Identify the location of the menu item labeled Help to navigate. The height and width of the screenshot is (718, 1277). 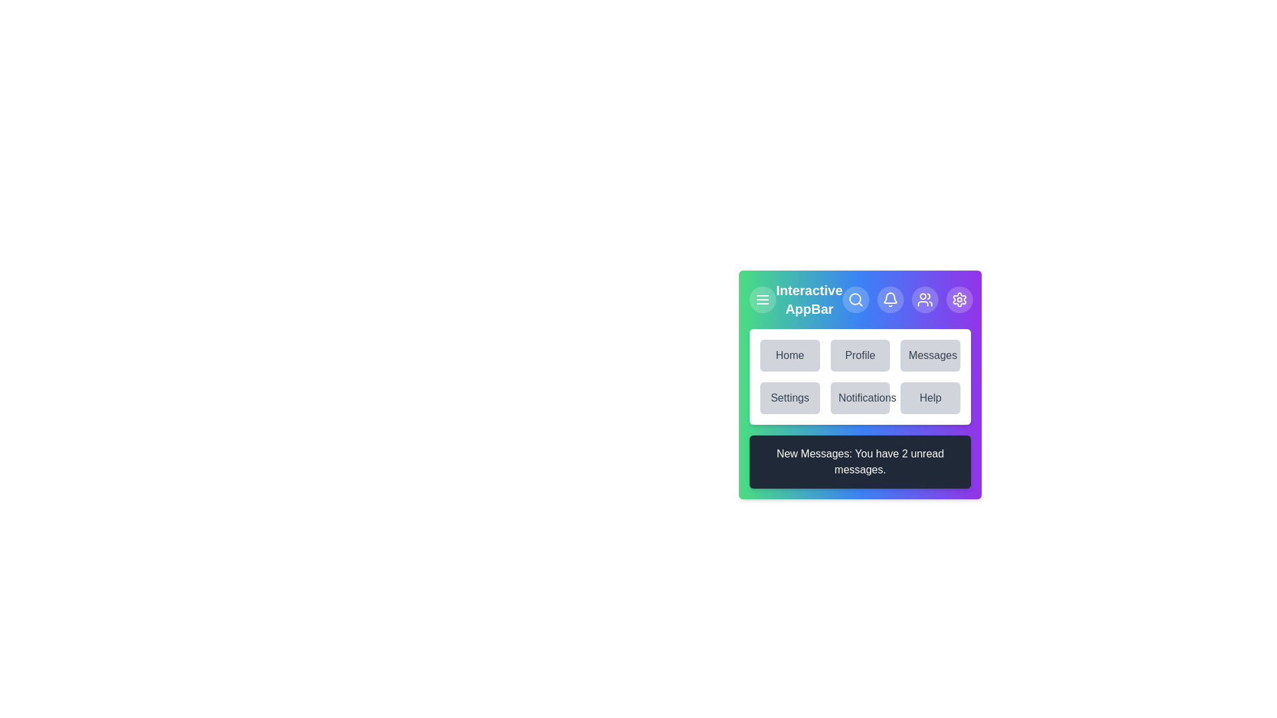
(930, 397).